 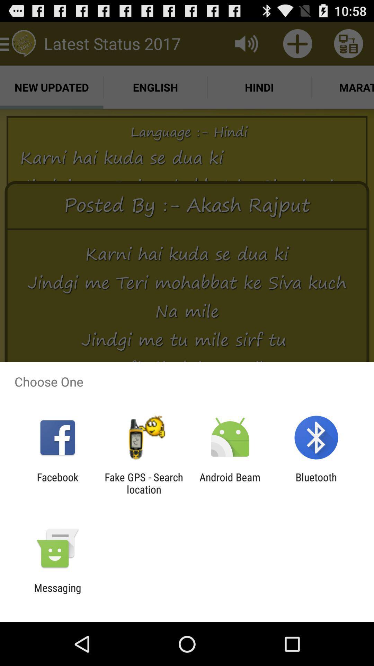 What do you see at coordinates (143, 483) in the screenshot?
I see `fake gps search` at bounding box center [143, 483].